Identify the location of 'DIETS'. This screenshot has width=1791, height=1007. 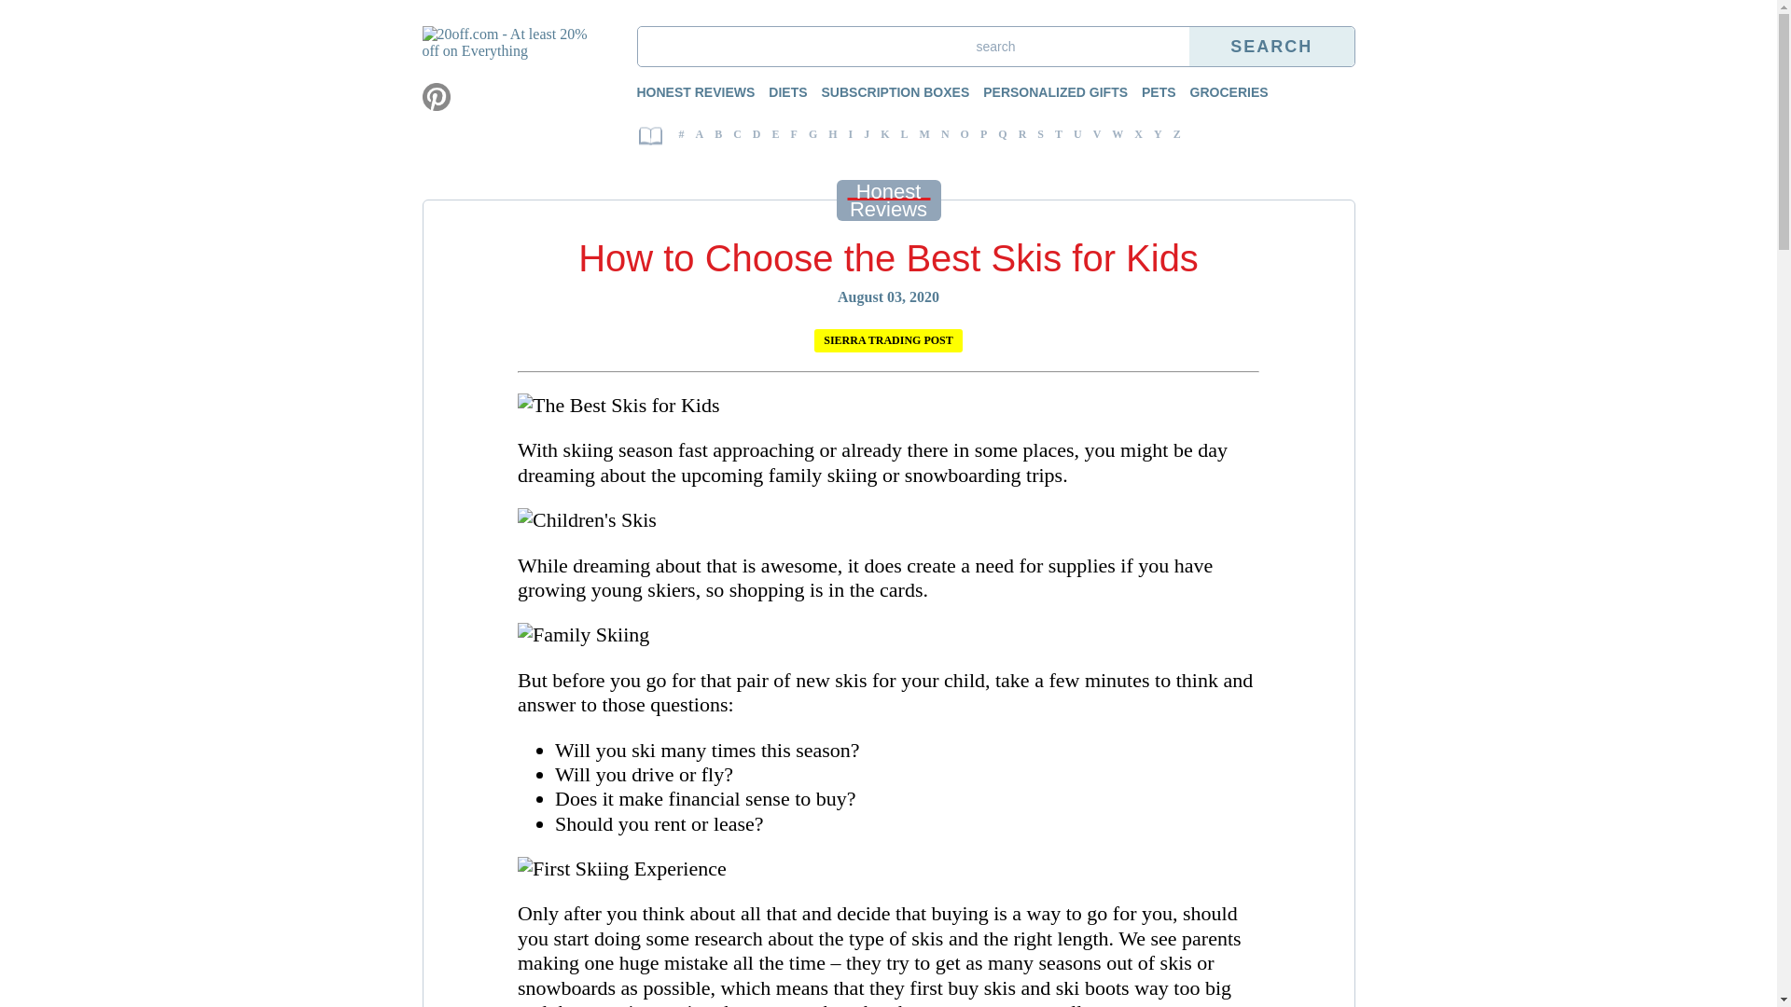
(778, 90).